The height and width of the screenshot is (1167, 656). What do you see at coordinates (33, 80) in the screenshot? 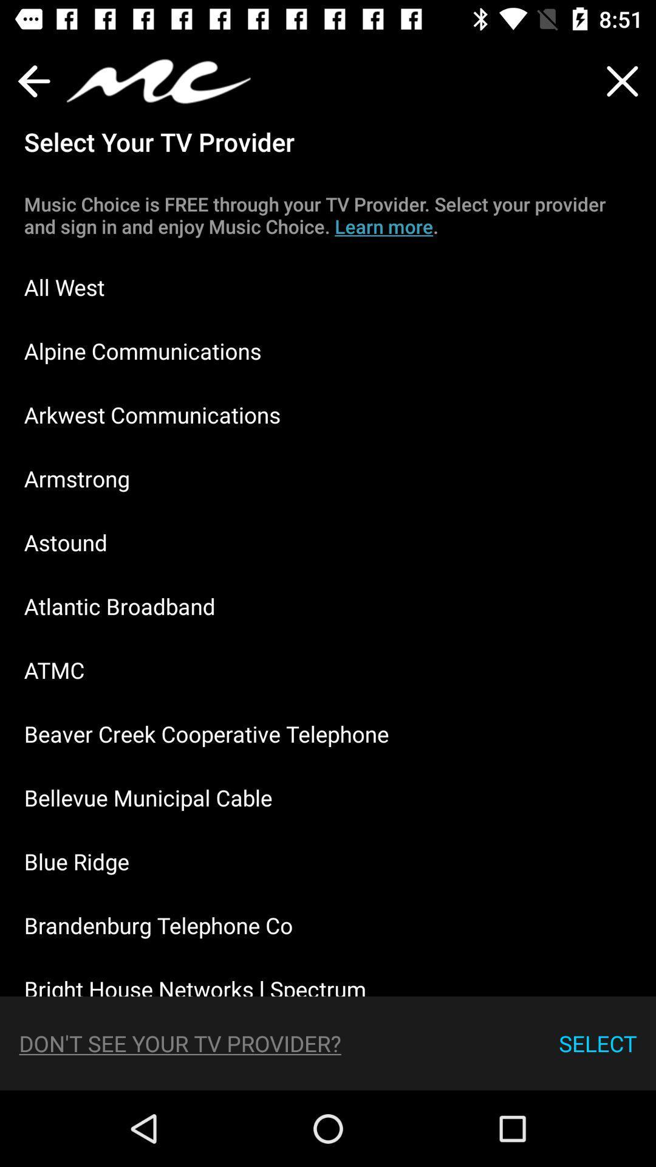
I see `the arrow_backward icon` at bounding box center [33, 80].